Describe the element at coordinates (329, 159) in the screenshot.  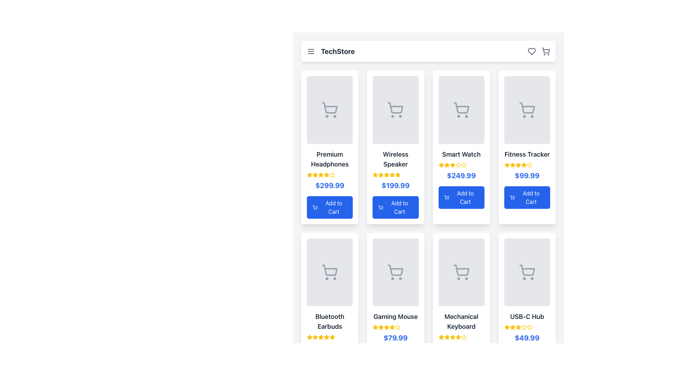
I see `the text 'Premium Headphones' which is styled in bold and dark gray color, located at the center of the item card in the first column and first row of the grid layout` at that location.